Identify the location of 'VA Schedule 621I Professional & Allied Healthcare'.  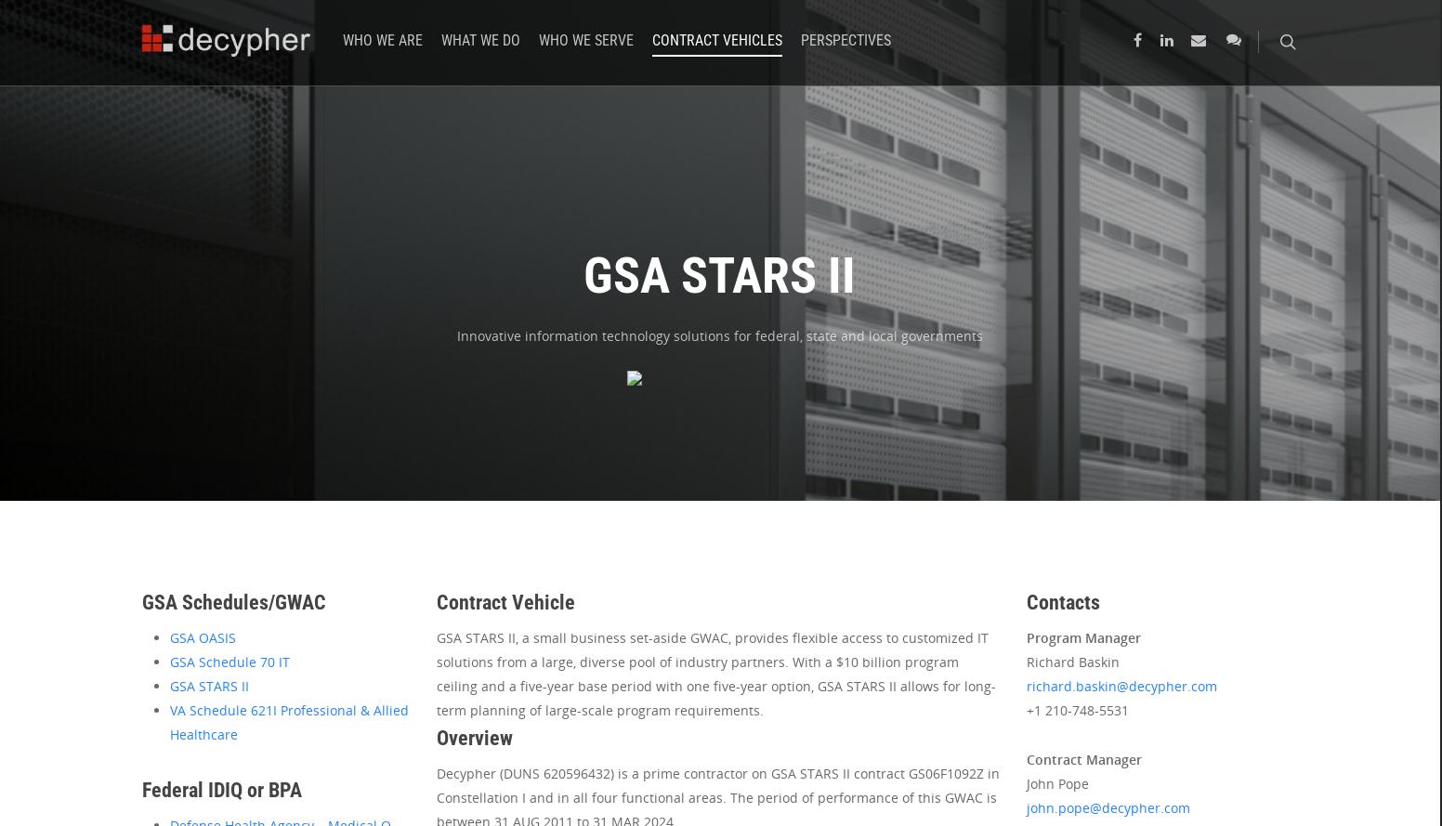
(287, 722).